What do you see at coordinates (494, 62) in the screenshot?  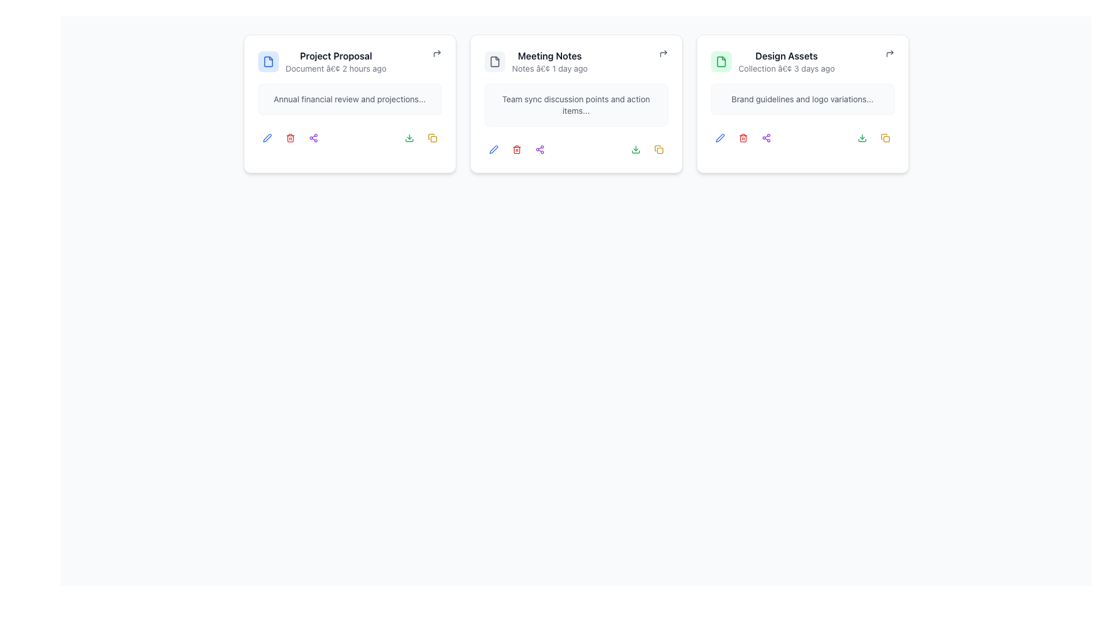 I see `the icon resembling a document or file with a gray outline located in the second card next to the 'Meeting Notes' text block` at bounding box center [494, 62].